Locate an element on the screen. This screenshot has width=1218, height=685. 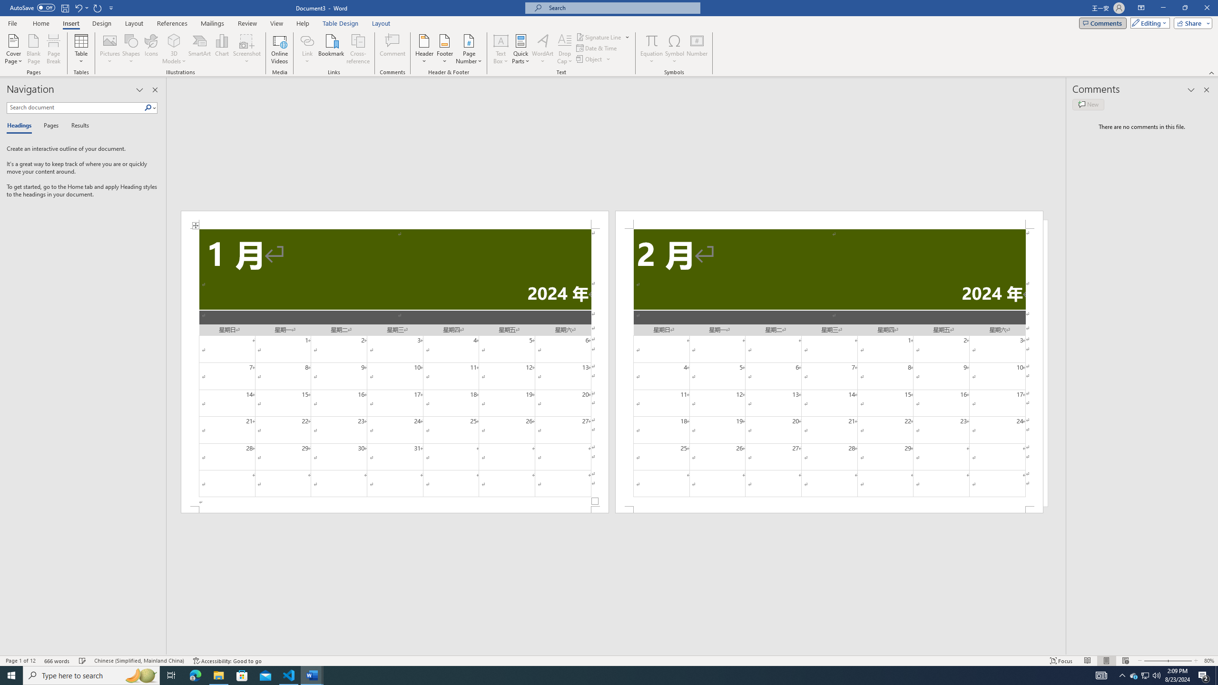
'Pictures' is located at coordinates (110, 49).